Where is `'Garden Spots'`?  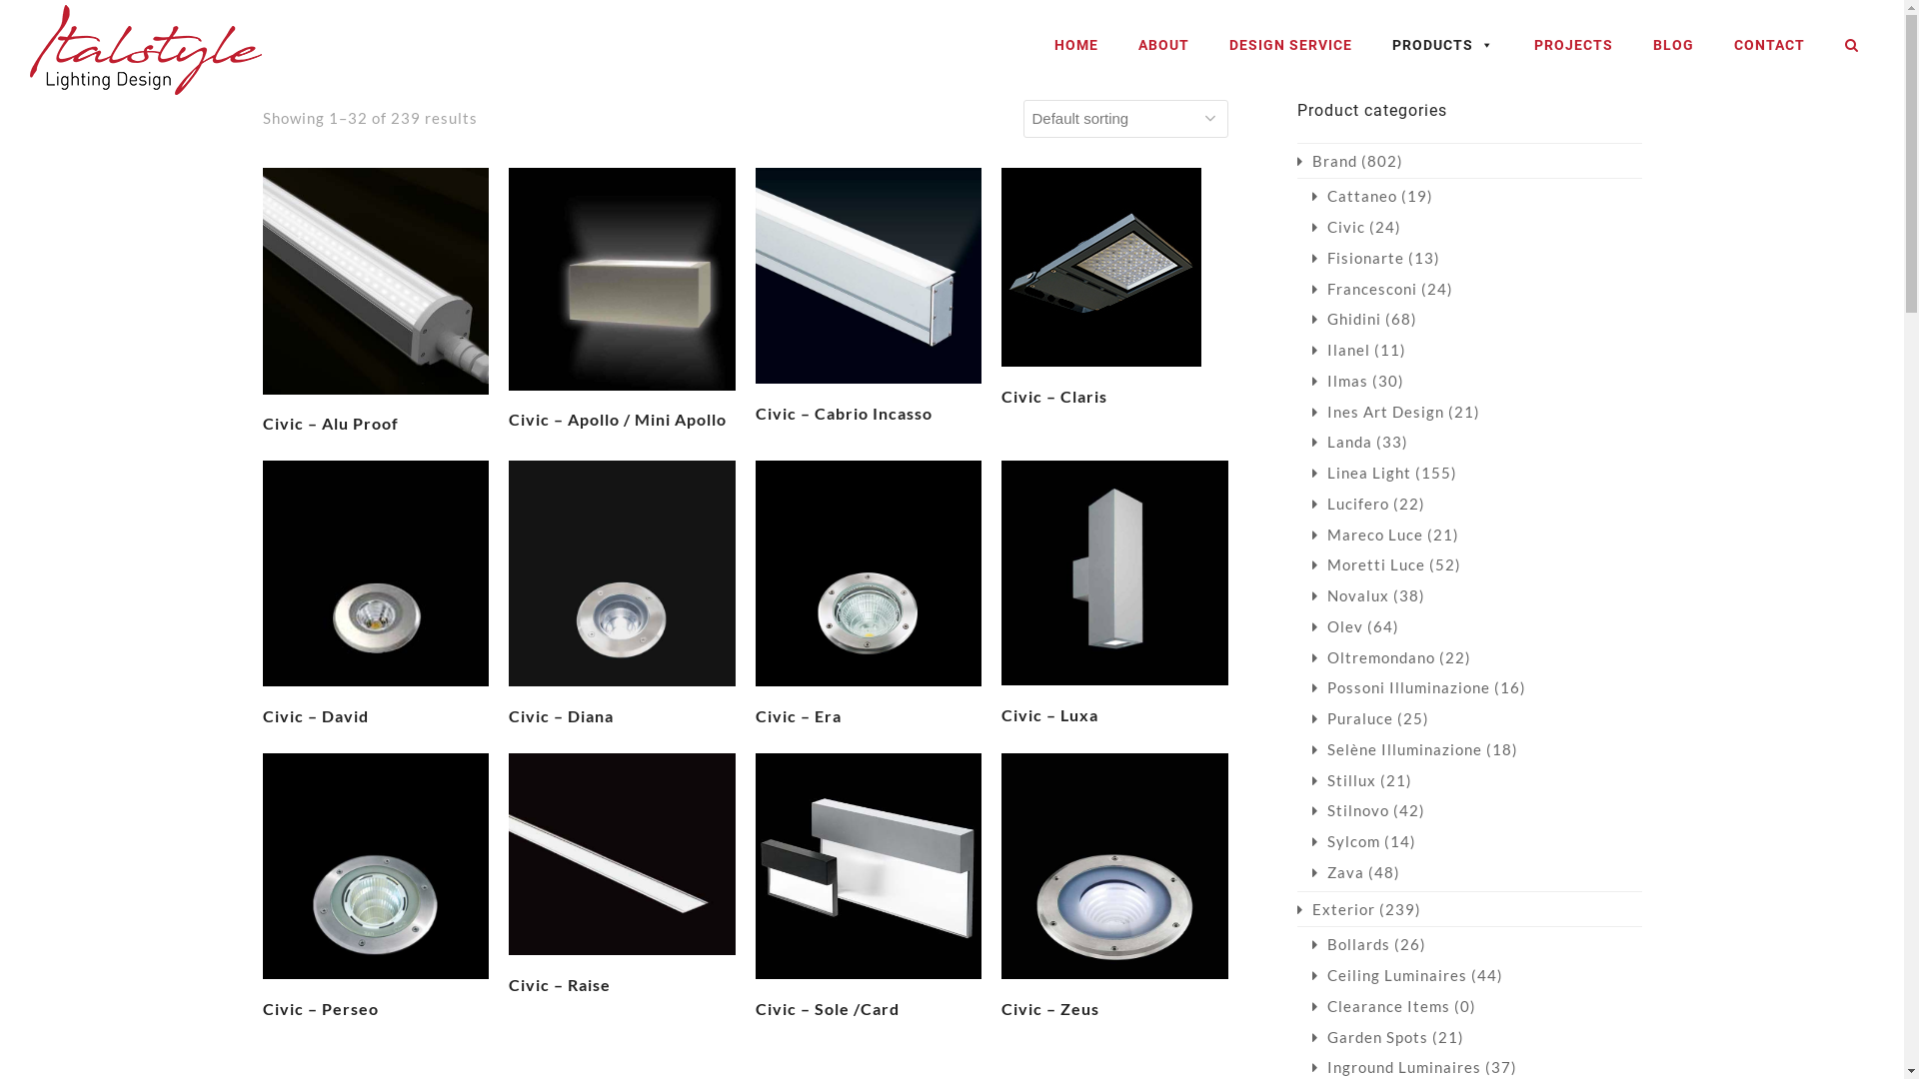
'Garden Spots' is located at coordinates (1367, 1035).